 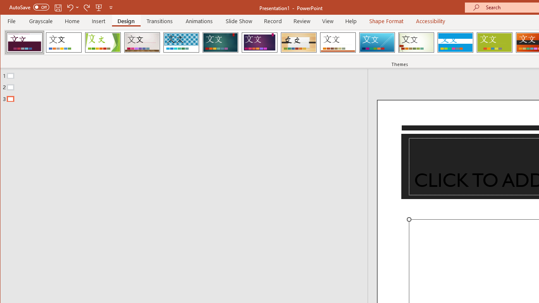 I want to click on 'Organic', so click(x=299, y=42).